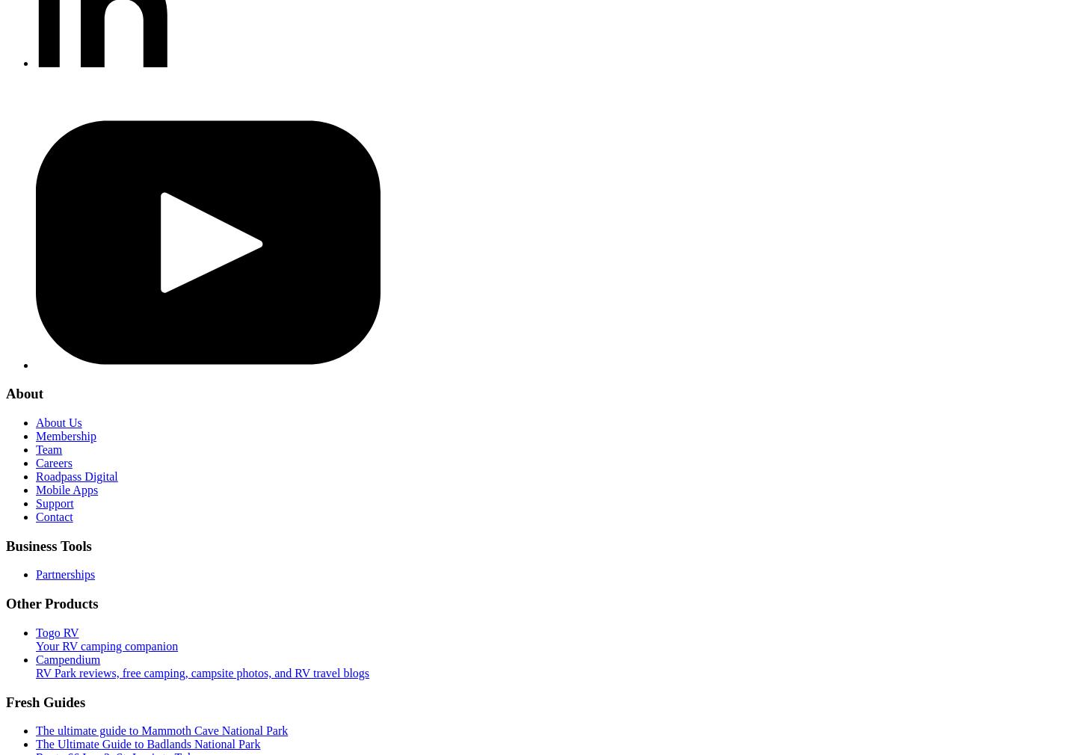  Describe the element at coordinates (48, 544) in the screenshot. I see `'Business Tools'` at that location.